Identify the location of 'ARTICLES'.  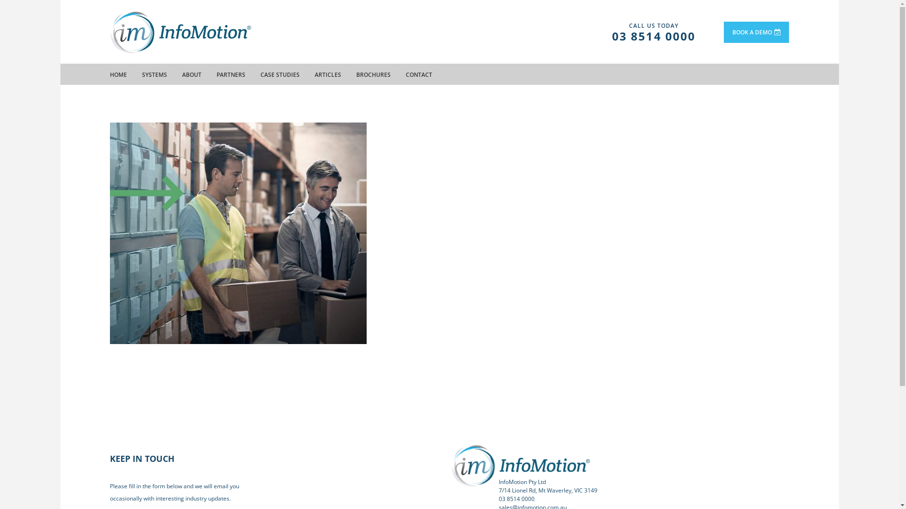
(327, 74).